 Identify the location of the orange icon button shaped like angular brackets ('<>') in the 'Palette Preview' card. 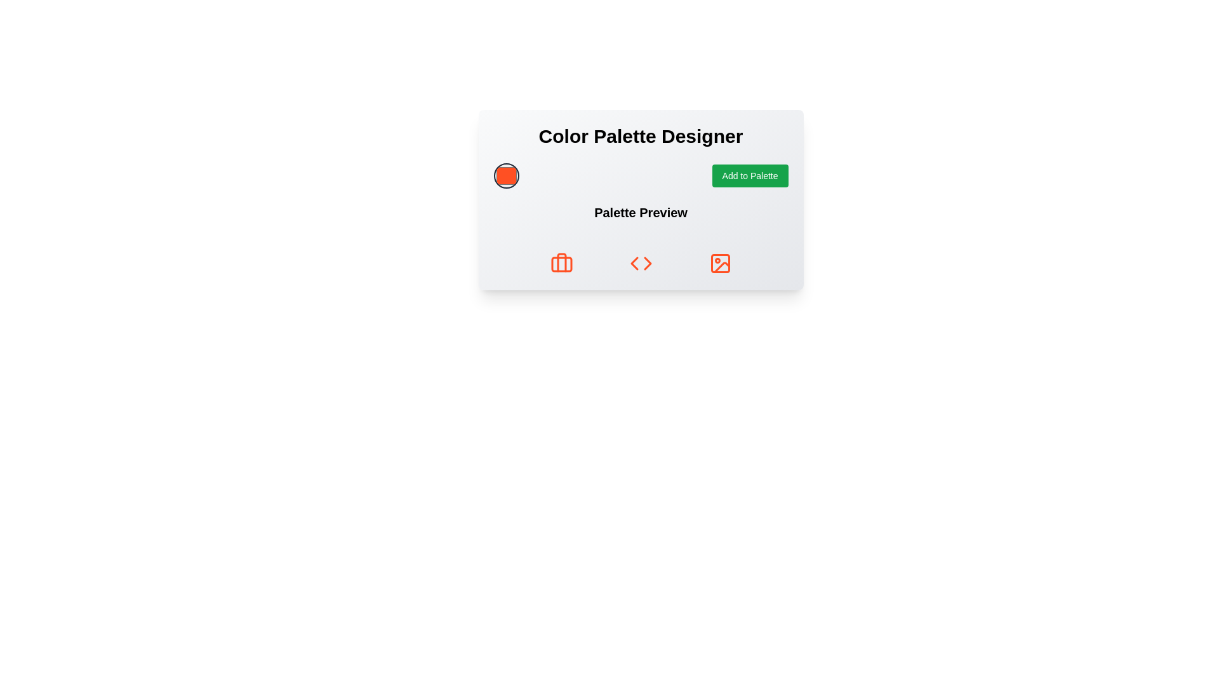
(641, 263).